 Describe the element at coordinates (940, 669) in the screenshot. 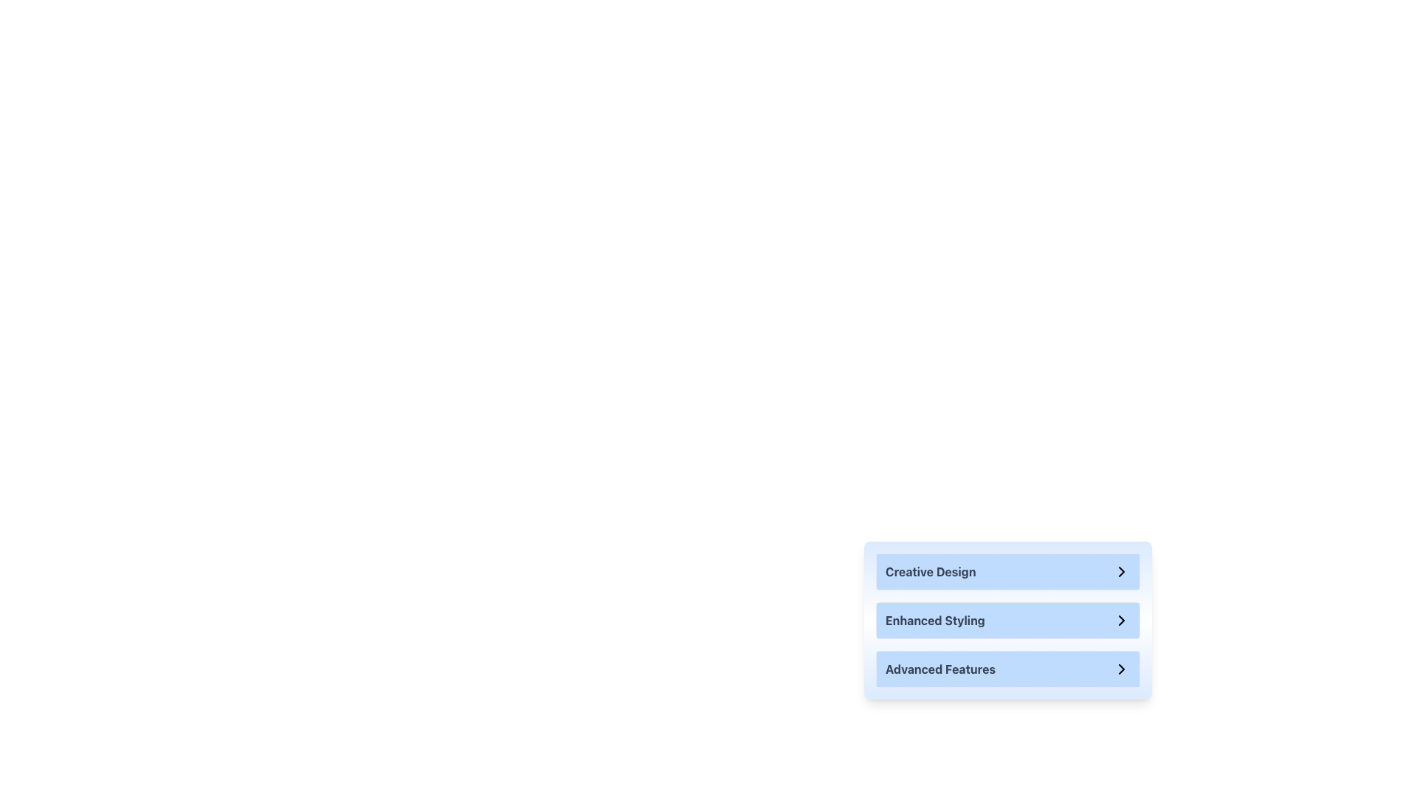

I see `the 'Advanced Features' text label, which serves as a header for a section in a horizontally-aligned menu structure` at that location.